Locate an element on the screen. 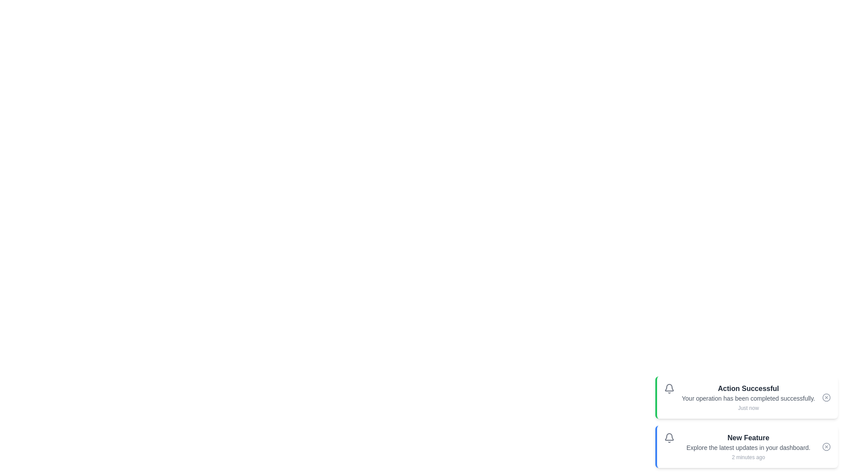 The image size is (845, 475). message in the Textual Notification Block titled 'New Feature', which includes the description and timestamp below it is located at coordinates (748, 446).